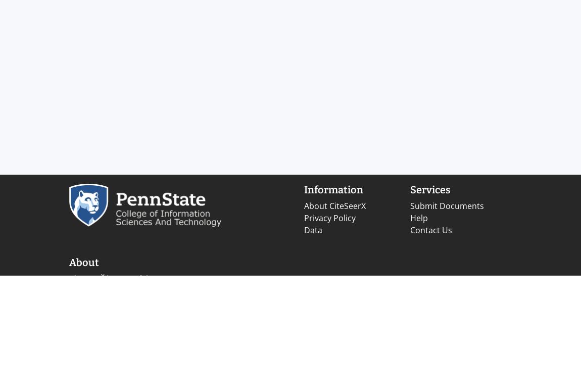 The width and height of the screenshot is (581, 367). What do you see at coordinates (83, 262) in the screenshot?
I see `'About'` at bounding box center [83, 262].